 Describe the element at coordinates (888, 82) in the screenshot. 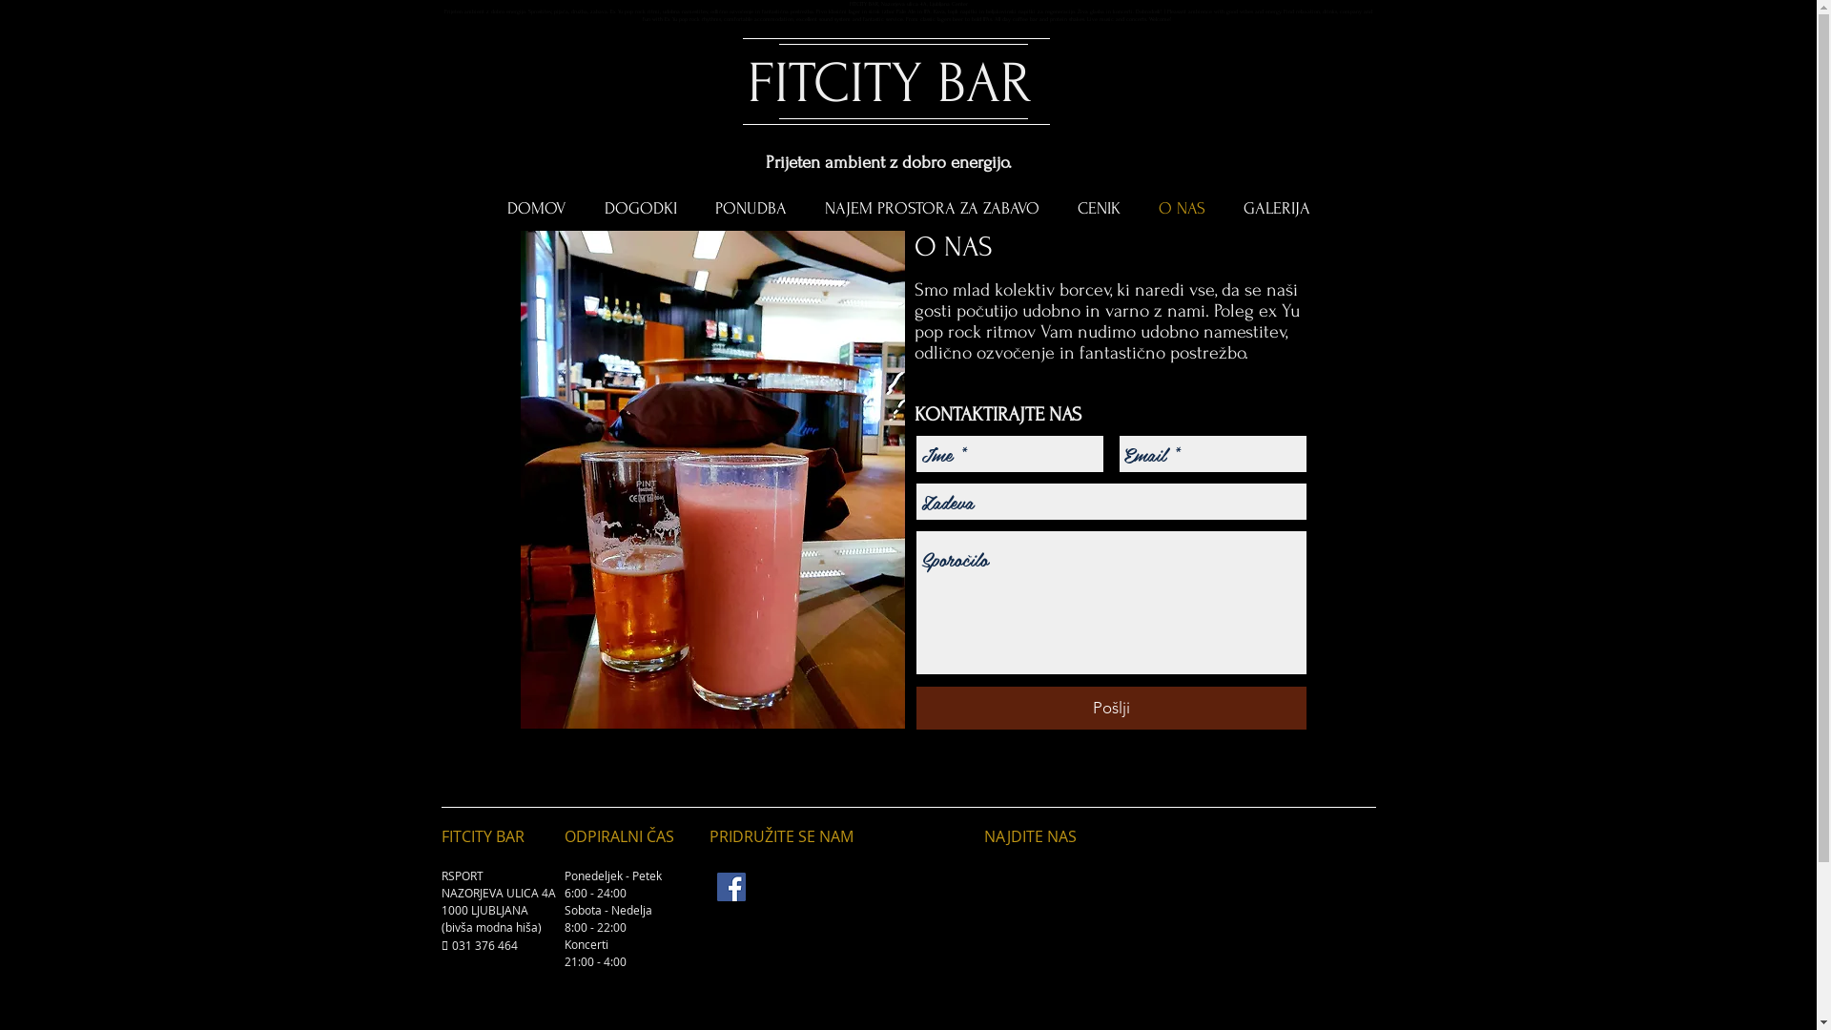

I see `'FITCITY BAR'` at that location.